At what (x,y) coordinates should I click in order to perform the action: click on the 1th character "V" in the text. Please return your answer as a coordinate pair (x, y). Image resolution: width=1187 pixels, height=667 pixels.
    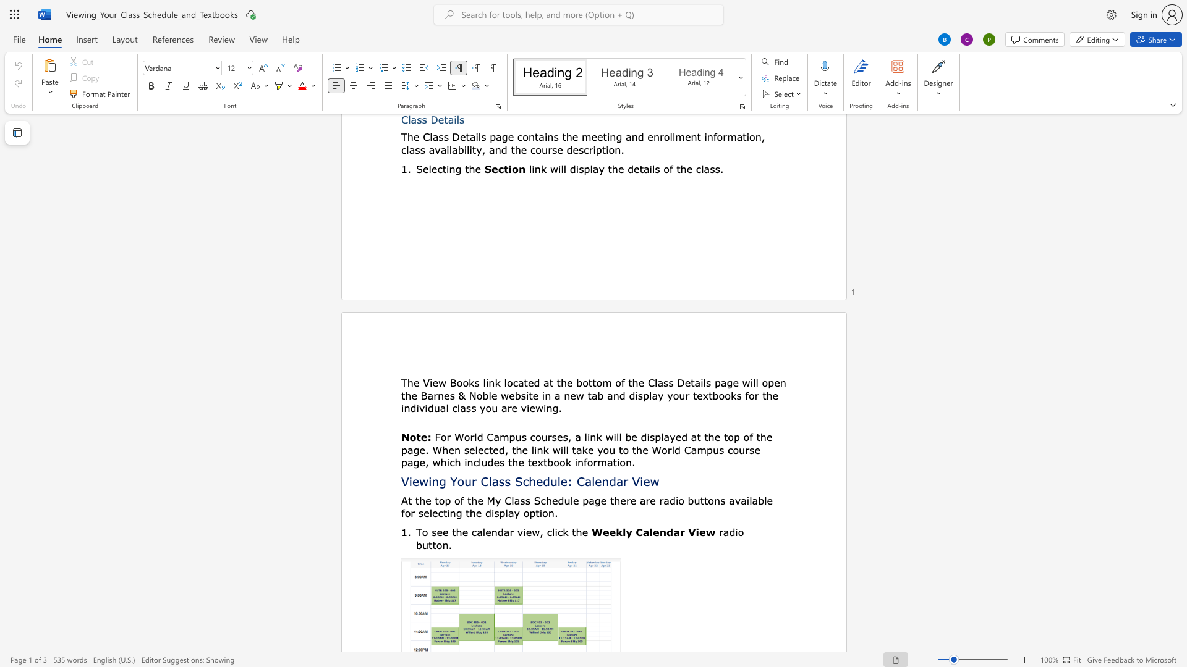
    Looking at the image, I should click on (405, 480).